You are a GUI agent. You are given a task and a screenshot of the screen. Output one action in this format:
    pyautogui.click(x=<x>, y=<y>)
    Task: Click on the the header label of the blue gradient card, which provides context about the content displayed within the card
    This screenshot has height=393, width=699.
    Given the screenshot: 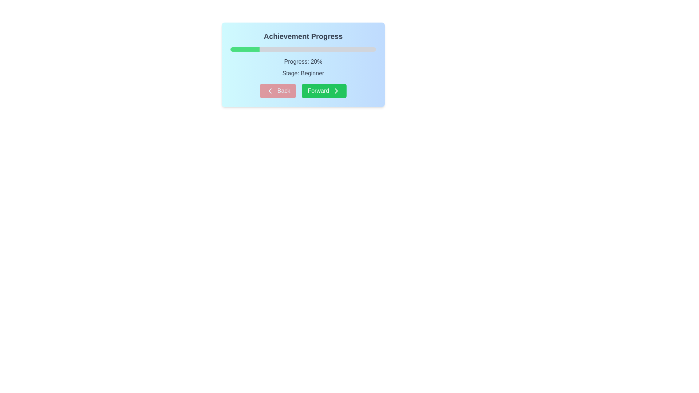 What is the action you would take?
    pyautogui.click(x=303, y=36)
    